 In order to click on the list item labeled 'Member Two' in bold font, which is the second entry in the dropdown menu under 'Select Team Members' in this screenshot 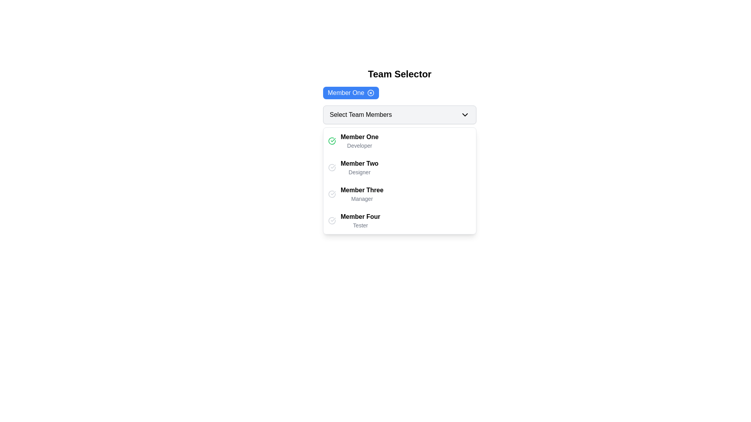, I will do `click(400, 167)`.